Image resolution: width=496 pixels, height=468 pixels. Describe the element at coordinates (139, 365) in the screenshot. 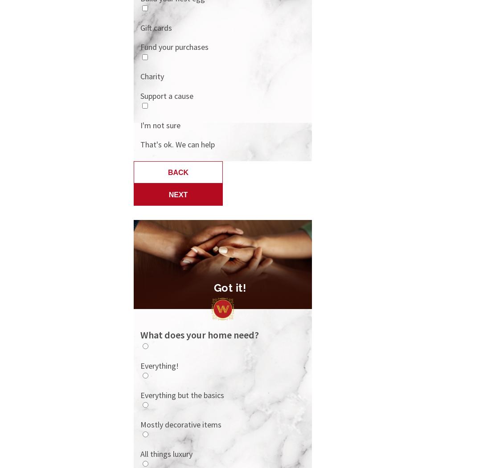

I see `'Everything!'` at that location.